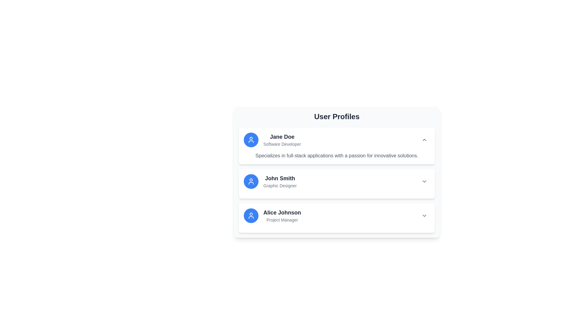  I want to click on the Profile card component for 'Alice Johnson', which features a circular blue icon with a white user outline, followed by the name 'Alice Johnson' in bold and title 'Project Manager' in gray font, so click(272, 215).